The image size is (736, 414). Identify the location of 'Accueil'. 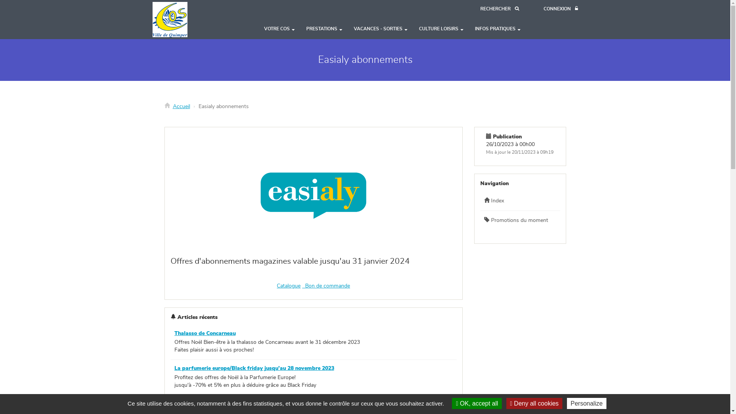
(181, 106).